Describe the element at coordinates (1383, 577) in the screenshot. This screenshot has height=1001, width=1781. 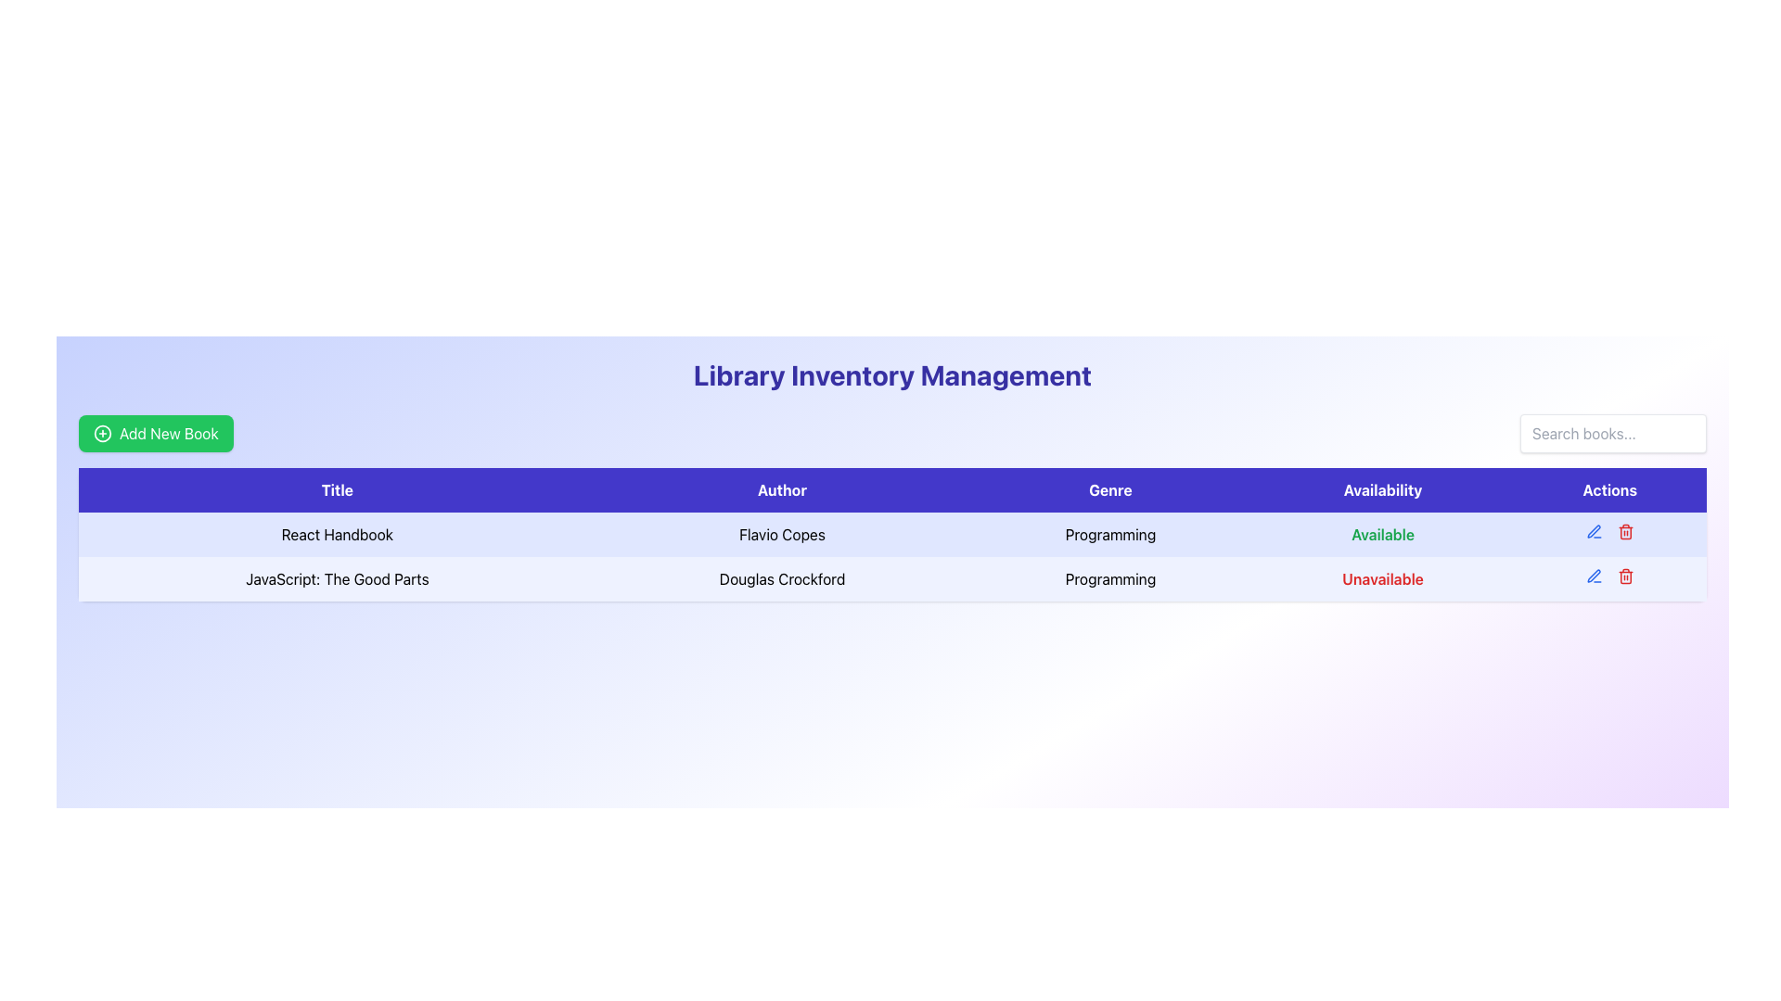
I see `the availability status text label indicating that 'JavaScript: The Good Parts' is not available in the library inventory` at that location.